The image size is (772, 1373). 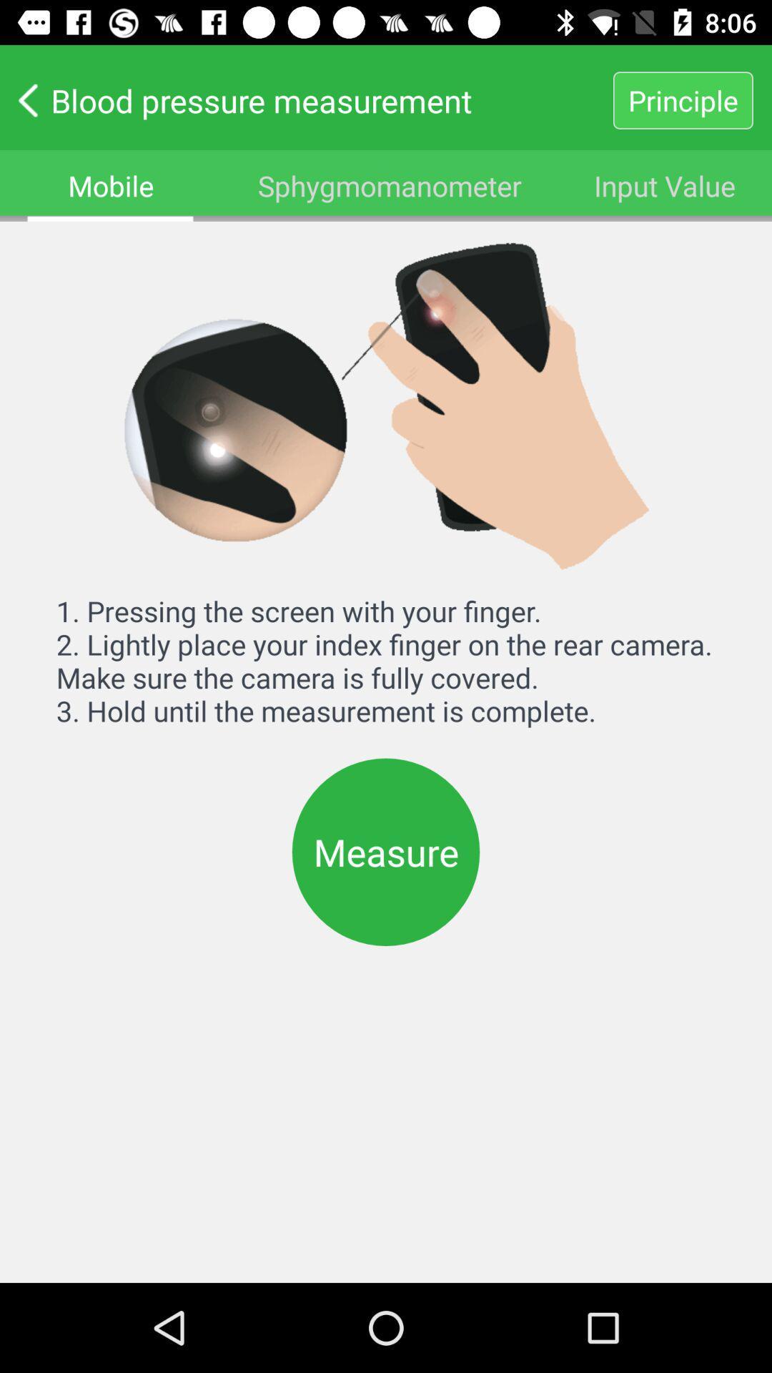 What do you see at coordinates (110, 184) in the screenshot?
I see `mobile item` at bounding box center [110, 184].